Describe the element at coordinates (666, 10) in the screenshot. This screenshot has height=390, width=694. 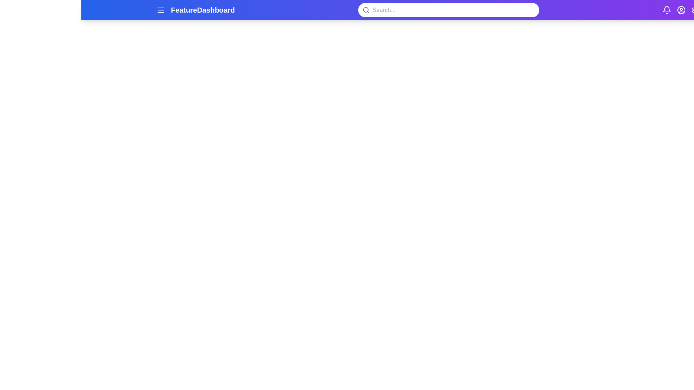
I see `the Notification Bell icon located at the top-right corner of the interface, adjacent to the user profile and settings gear icons` at that location.